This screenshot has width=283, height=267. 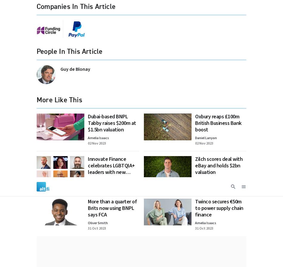 What do you see at coordinates (219, 72) in the screenshot?
I see `'Changing Digital'` at bounding box center [219, 72].